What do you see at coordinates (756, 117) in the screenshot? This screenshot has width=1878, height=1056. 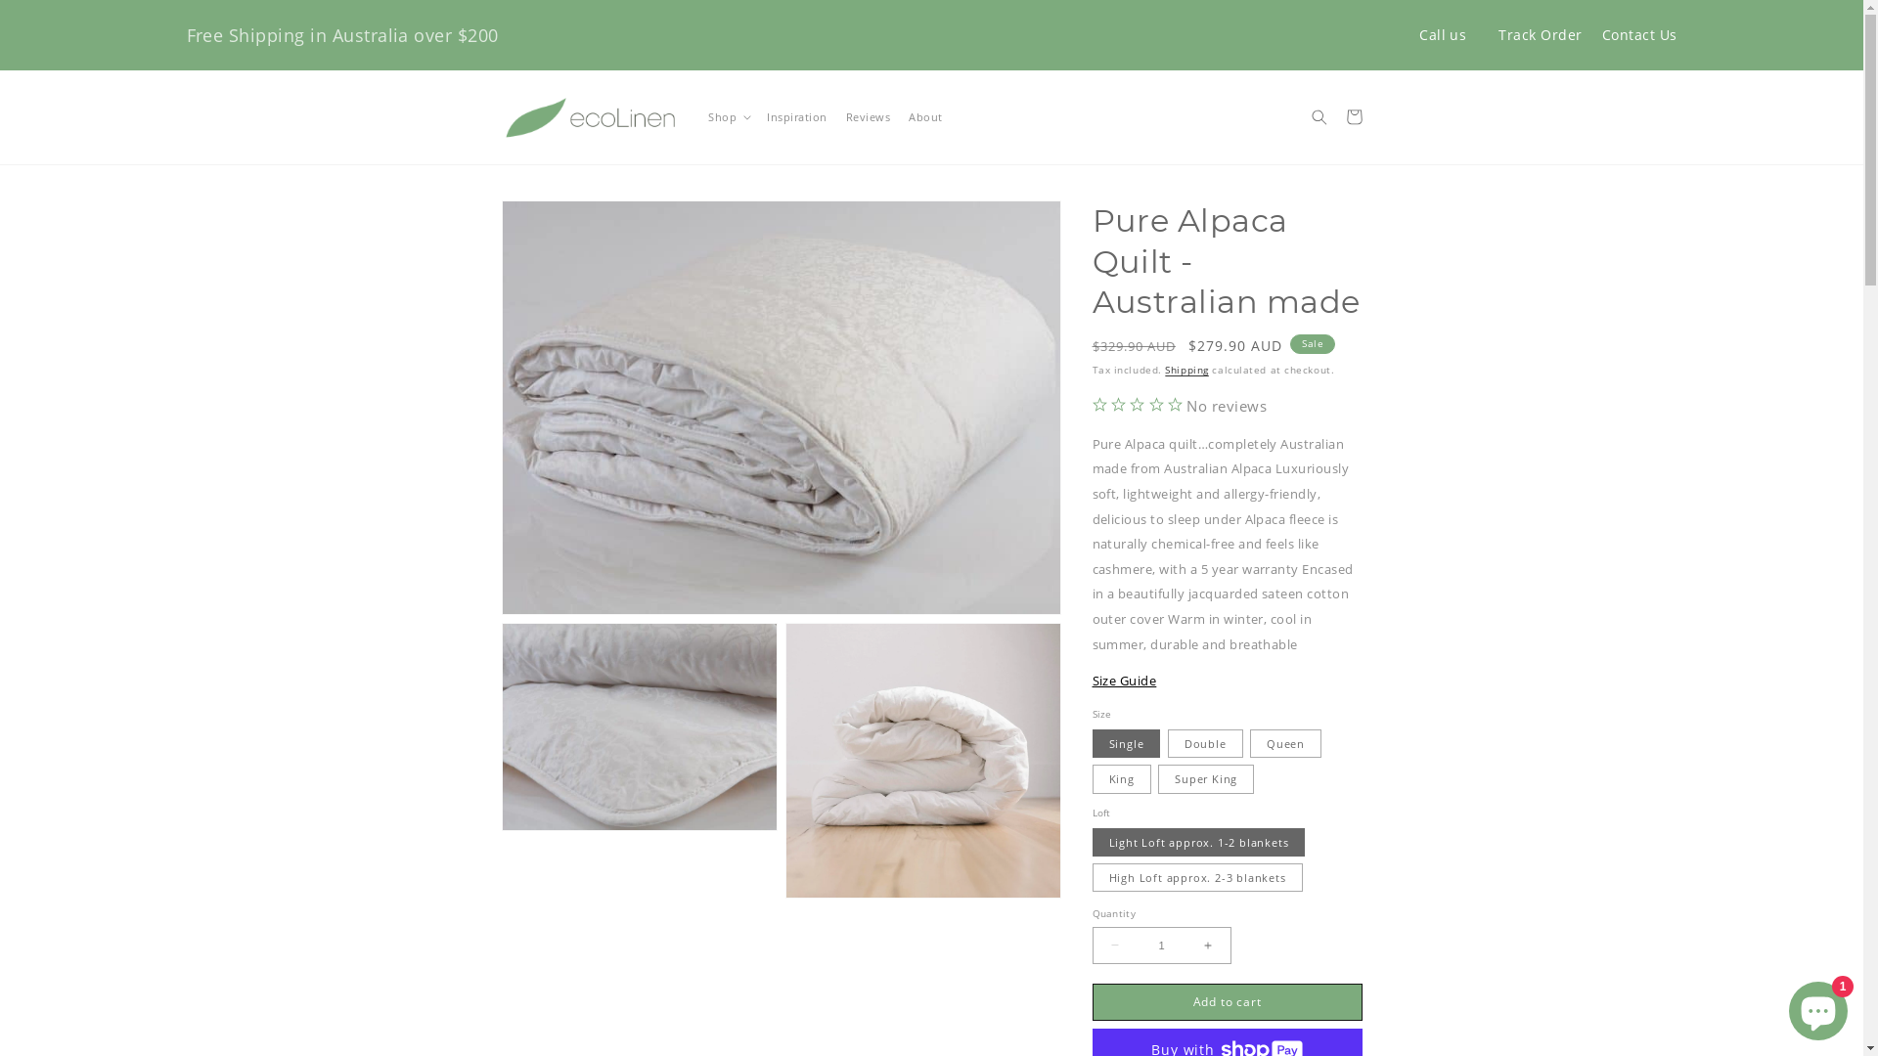 I see `'Inspiration'` at bounding box center [756, 117].